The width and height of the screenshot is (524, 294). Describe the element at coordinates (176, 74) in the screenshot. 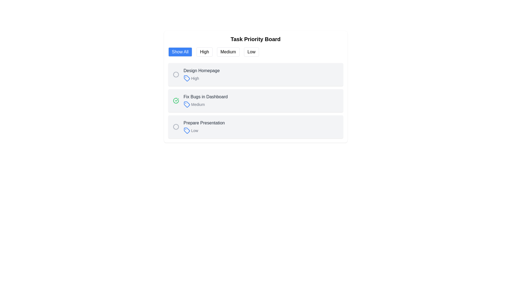

I see `the status indicator icon for the task 'Design Homepage', which is the first circular icon in the task list` at that location.